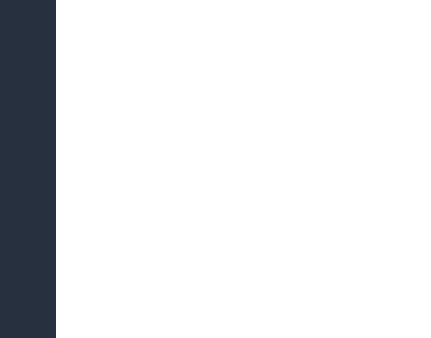  What do you see at coordinates (88, 14) in the screenshot?
I see `'18. May 2015, 08:08'` at bounding box center [88, 14].